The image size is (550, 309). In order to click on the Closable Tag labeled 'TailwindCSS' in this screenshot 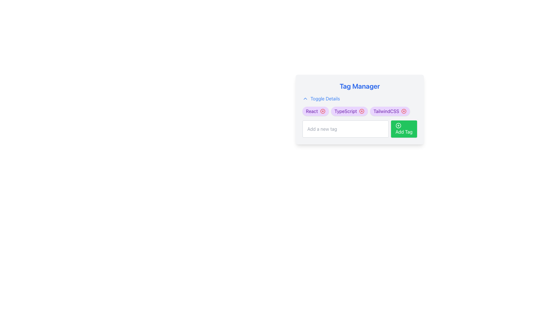, I will do `click(390, 111)`.